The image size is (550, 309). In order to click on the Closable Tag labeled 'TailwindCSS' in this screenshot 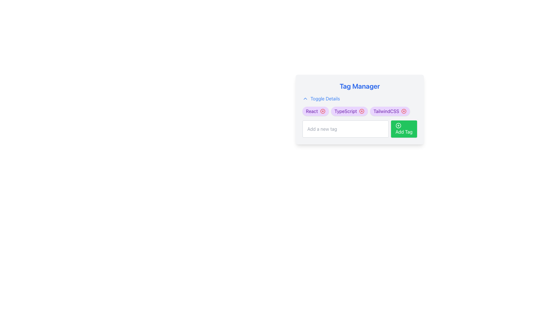, I will do `click(390, 111)`.